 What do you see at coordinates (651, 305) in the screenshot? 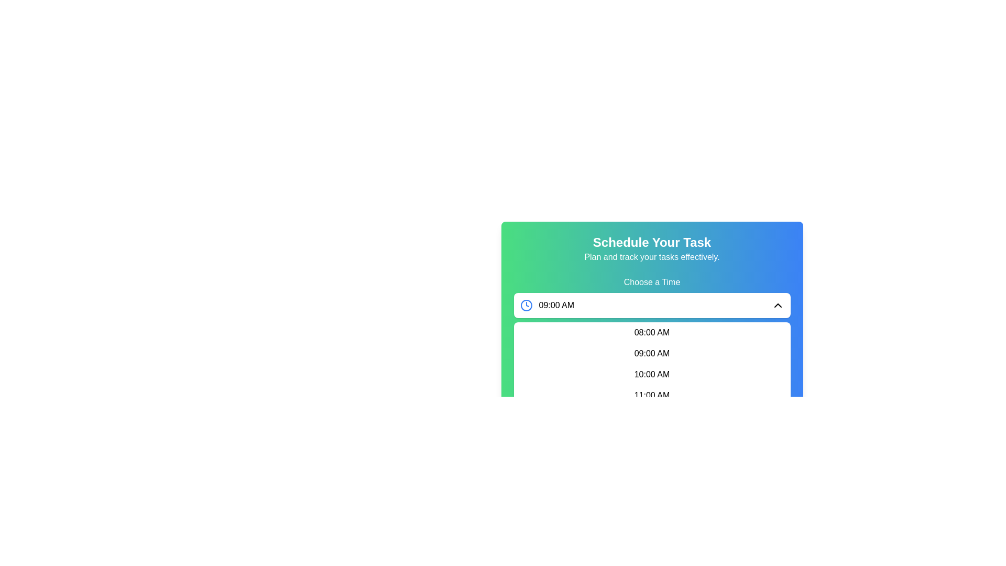
I see `the Dropdown button displaying '09:00 AM' using the keyboard` at bounding box center [651, 305].